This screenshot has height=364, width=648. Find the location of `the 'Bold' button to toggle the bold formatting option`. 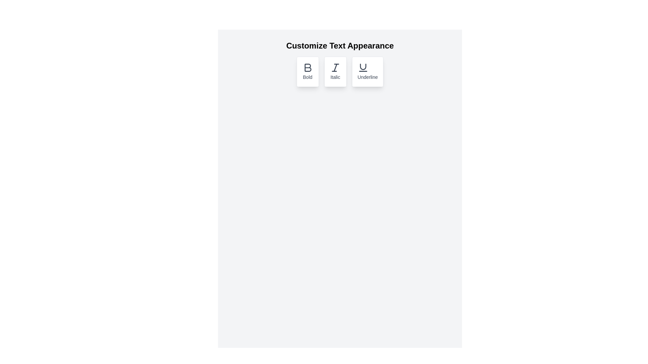

the 'Bold' button to toggle the bold formatting option is located at coordinates (307, 71).